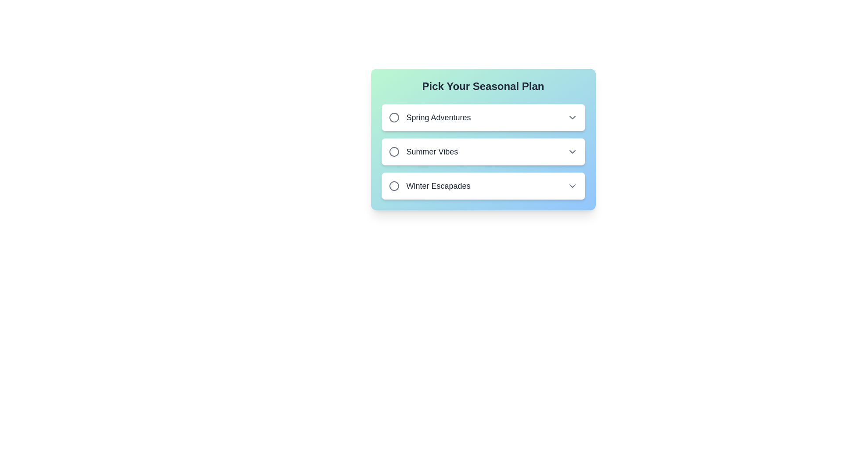 The width and height of the screenshot is (843, 474). What do you see at coordinates (429, 186) in the screenshot?
I see `the 'Winter Escapades' option in the horizontal list item with a radio button` at bounding box center [429, 186].